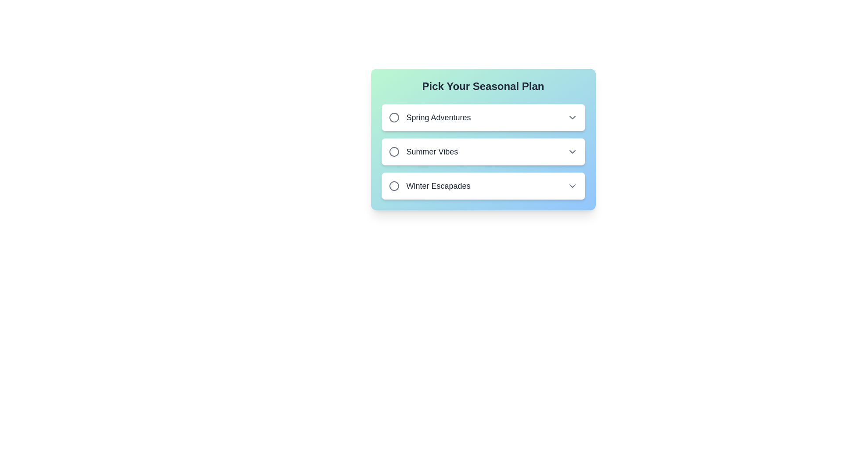 The width and height of the screenshot is (843, 474). What do you see at coordinates (429, 186) in the screenshot?
I see `the 'Winter Escapades' option in the horizontal list item with a radio button` at bounding box center [429, 186].